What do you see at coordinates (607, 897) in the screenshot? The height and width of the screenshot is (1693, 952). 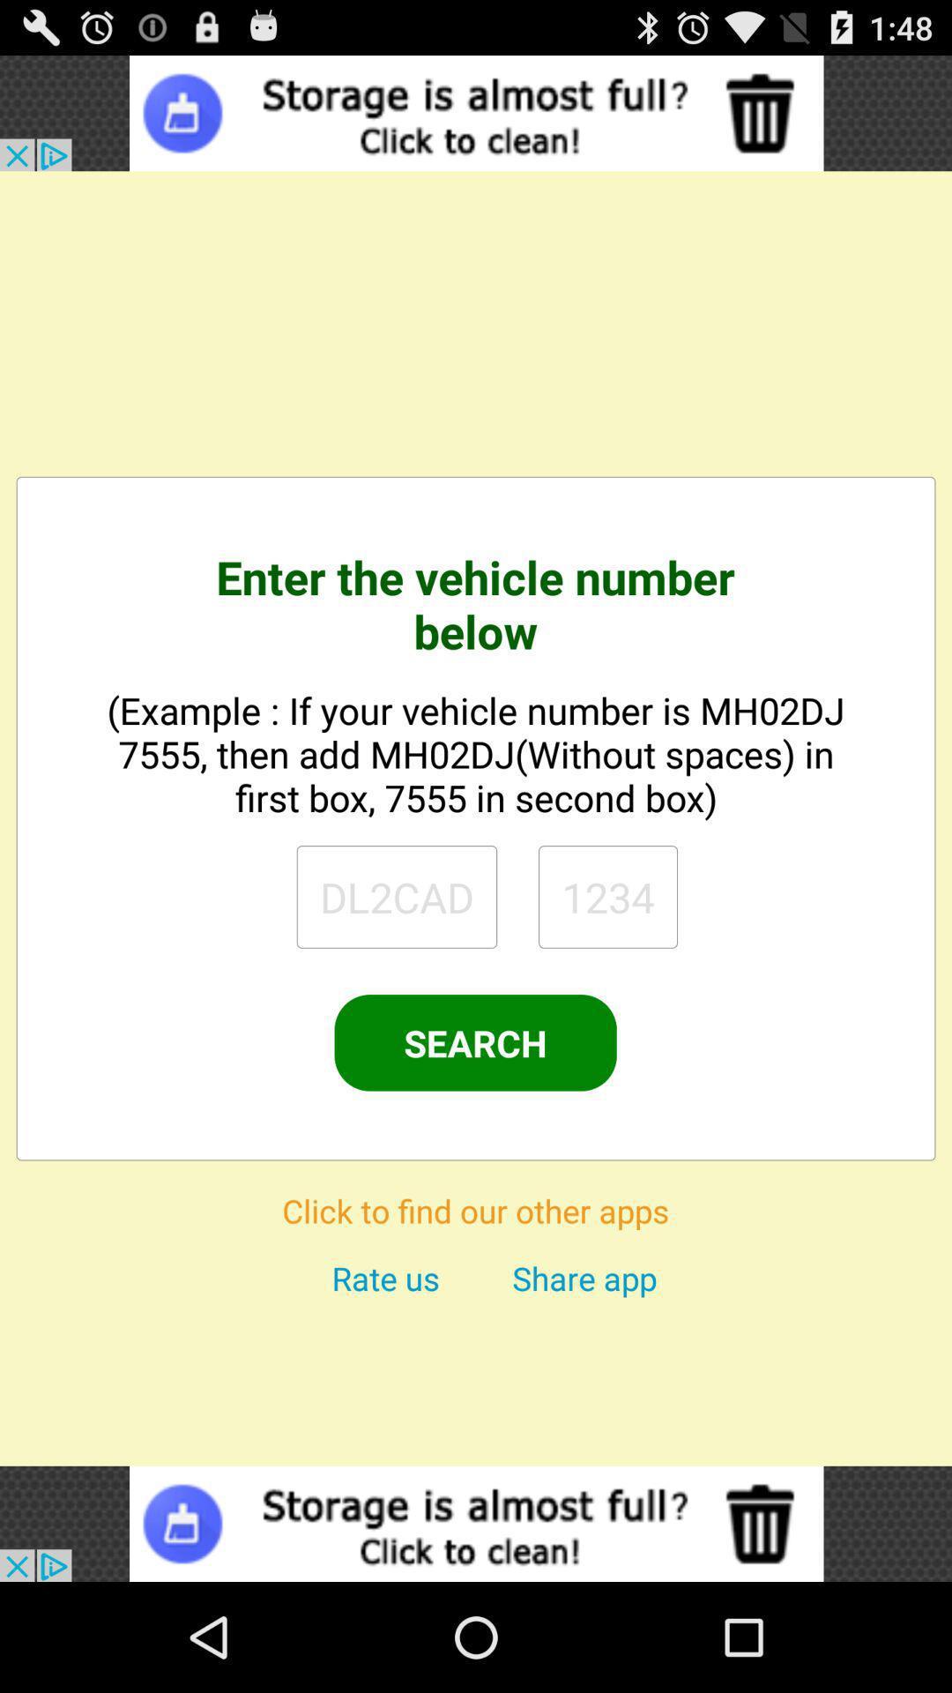 I see `numbers` at bounding box center [607, 897].